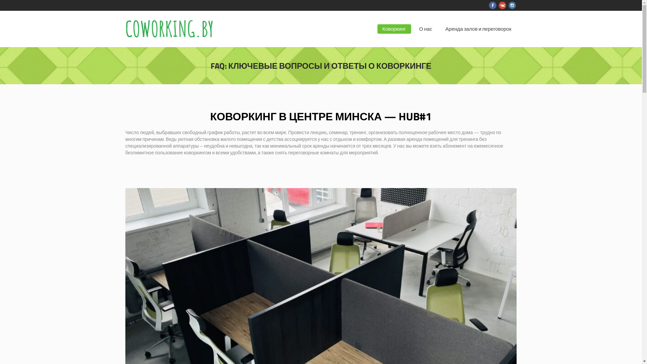 The height and width of the screenshot is (364, 647). What do you see at coordinates (492, 5) in the screenshot?
I see `'Facebook'` at bounding box center [492, 5].